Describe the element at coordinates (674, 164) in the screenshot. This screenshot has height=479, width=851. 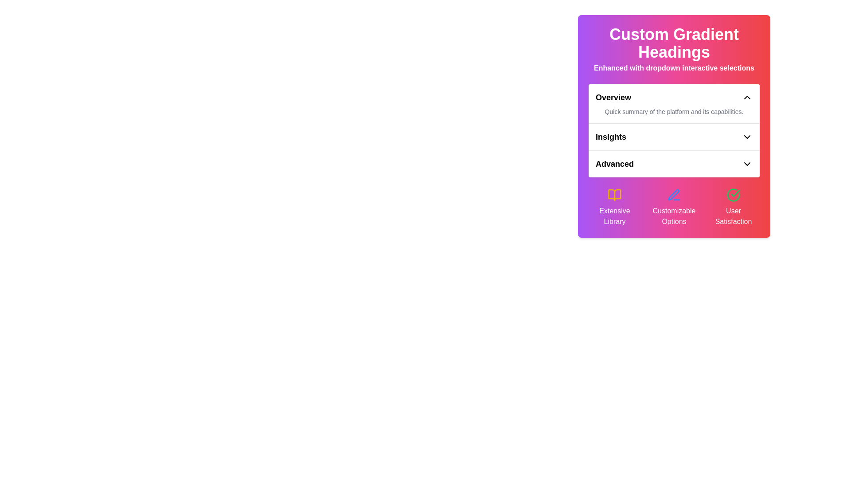
I see `the 'Advanced' dropdown selection option, which is the third entry in a list of dropdown options located below 'Insights' in a white card box with a gradient background` at that location.